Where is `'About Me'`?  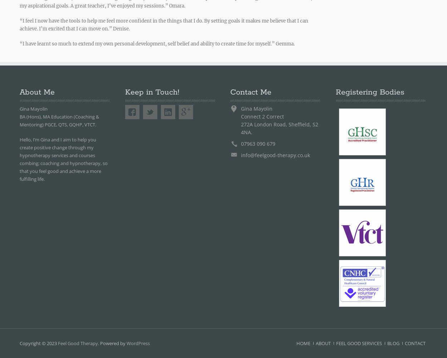 'About Me' is located at coordinates (37, 92).